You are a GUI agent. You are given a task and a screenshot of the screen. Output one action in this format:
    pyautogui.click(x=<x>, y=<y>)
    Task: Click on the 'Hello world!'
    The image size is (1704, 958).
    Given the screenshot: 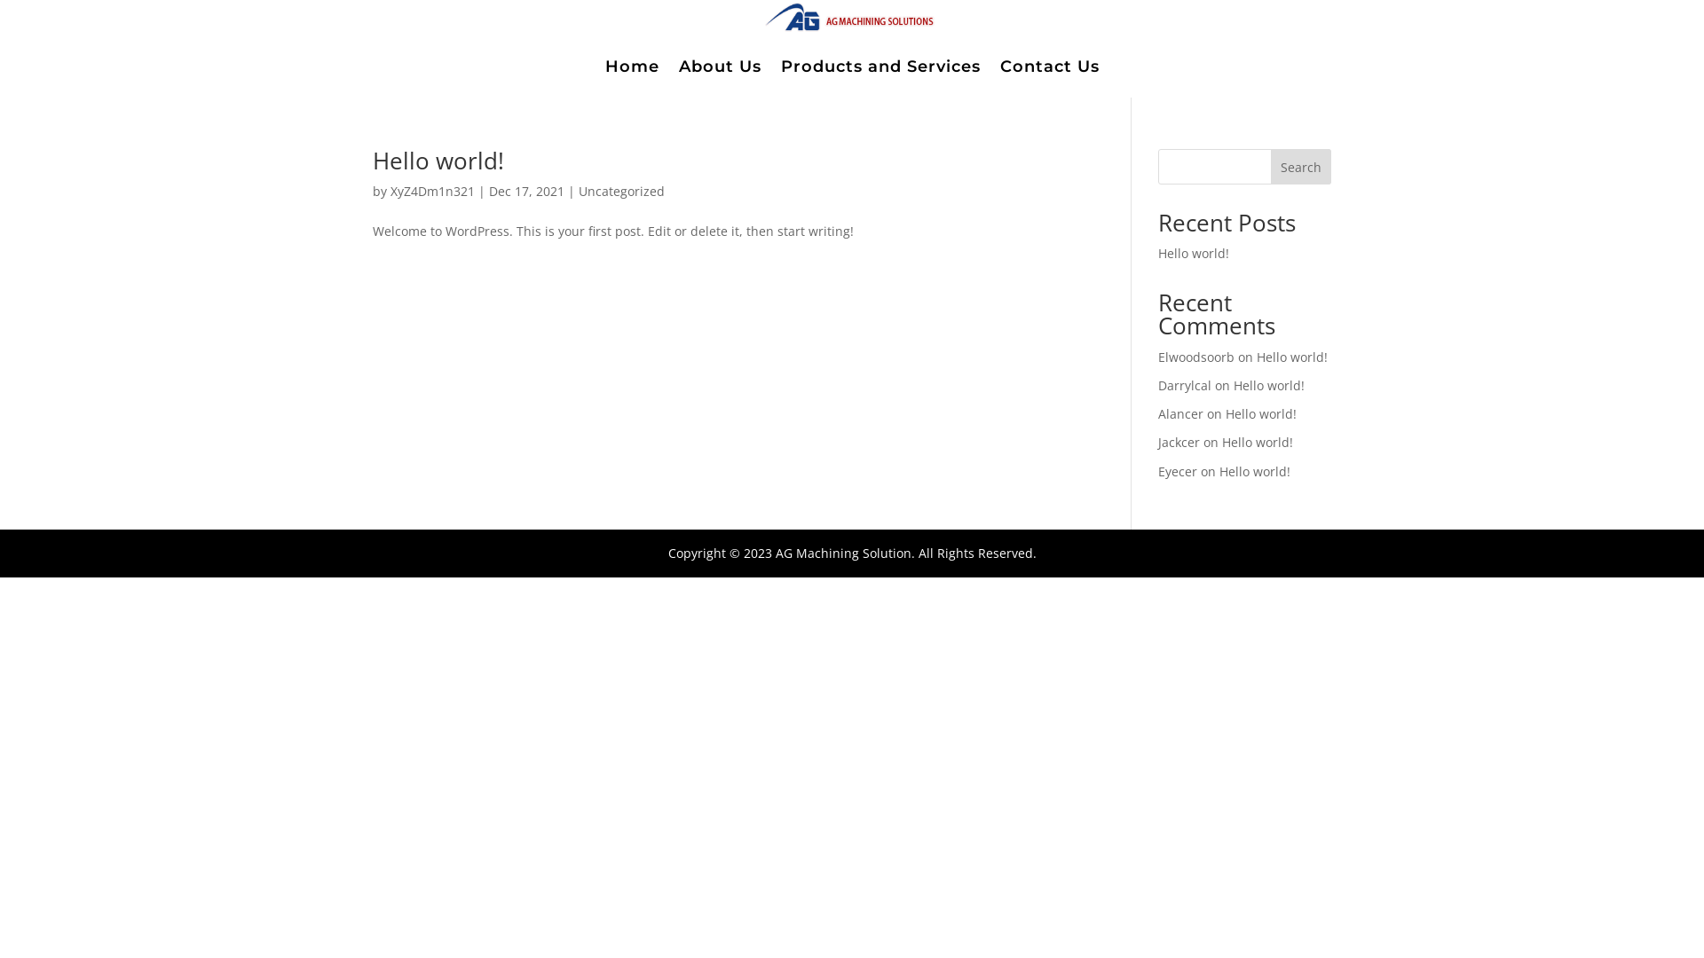 What is the action you would take?
    pyautogui.click(x=1291, y=357)
    